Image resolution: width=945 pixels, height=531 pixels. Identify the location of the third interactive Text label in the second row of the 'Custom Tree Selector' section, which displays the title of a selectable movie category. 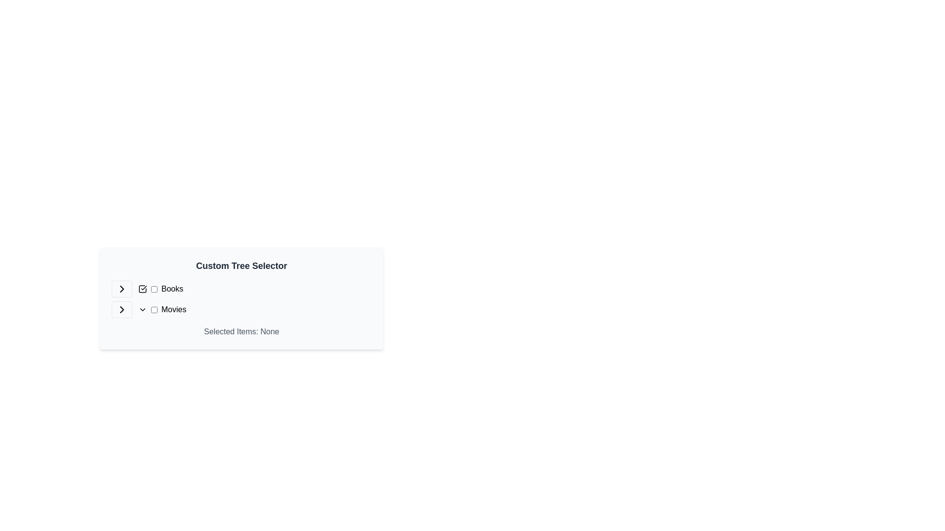
(162, 309).